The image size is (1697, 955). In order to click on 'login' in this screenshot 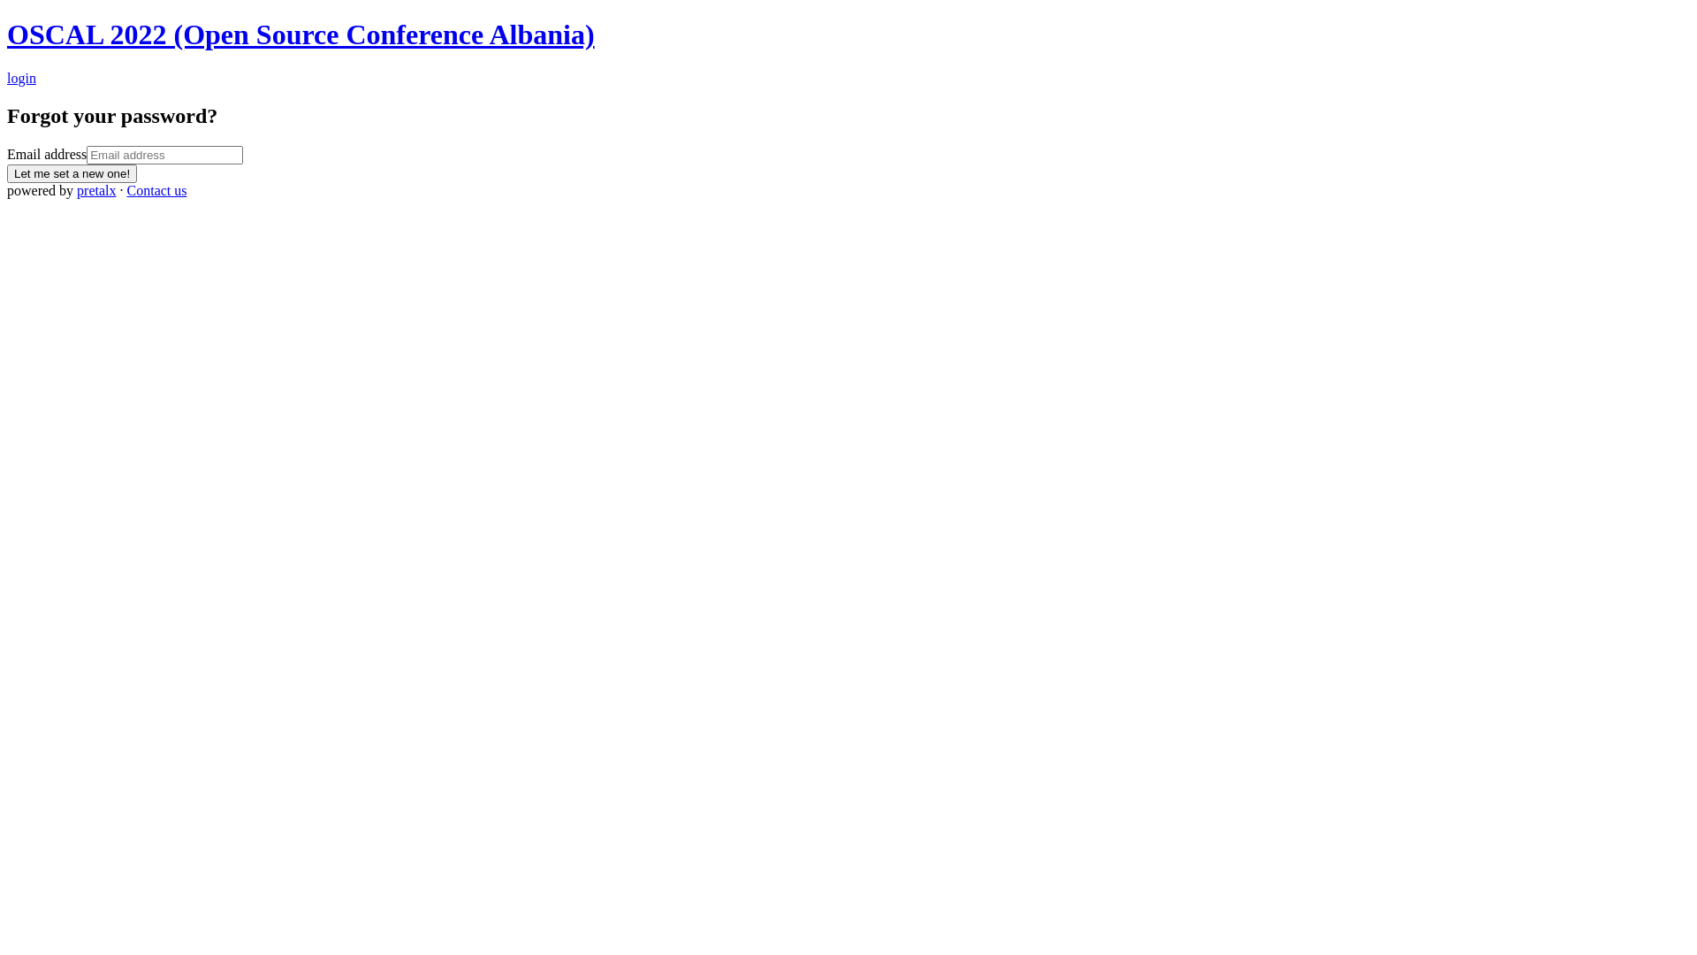, I will do `click(21, 77)`.